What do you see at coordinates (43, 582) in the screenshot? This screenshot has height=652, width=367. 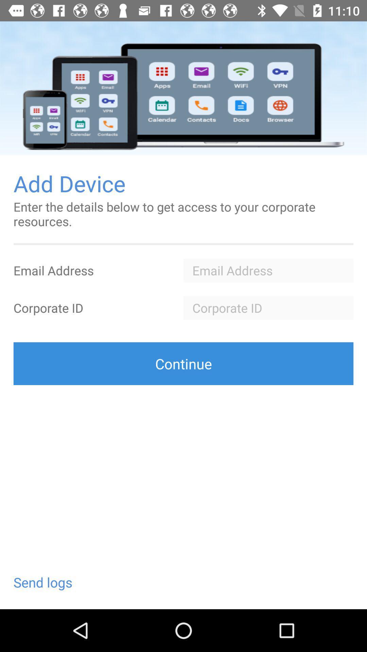 I see `the send logs icon` at bounding box center [43, 582].